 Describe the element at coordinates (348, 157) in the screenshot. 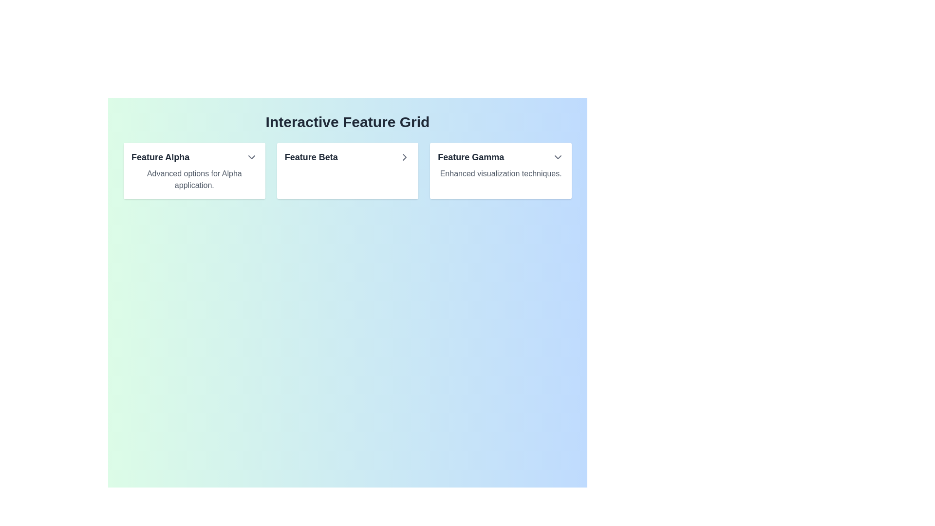

I see `the clickable item labeled 'Feature Beta', which is the middle option in a row of three items` at that location.